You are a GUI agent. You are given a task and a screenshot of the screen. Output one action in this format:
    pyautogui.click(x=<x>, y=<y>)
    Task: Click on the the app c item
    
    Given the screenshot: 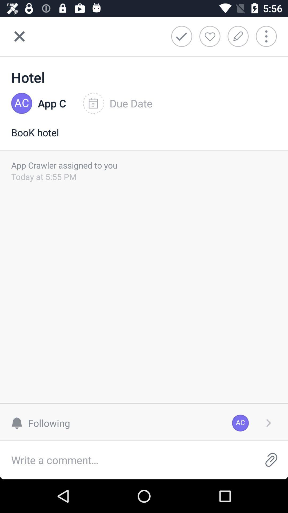 What is the action you would take?
    pyautogui.click(x=52, y=103)
    